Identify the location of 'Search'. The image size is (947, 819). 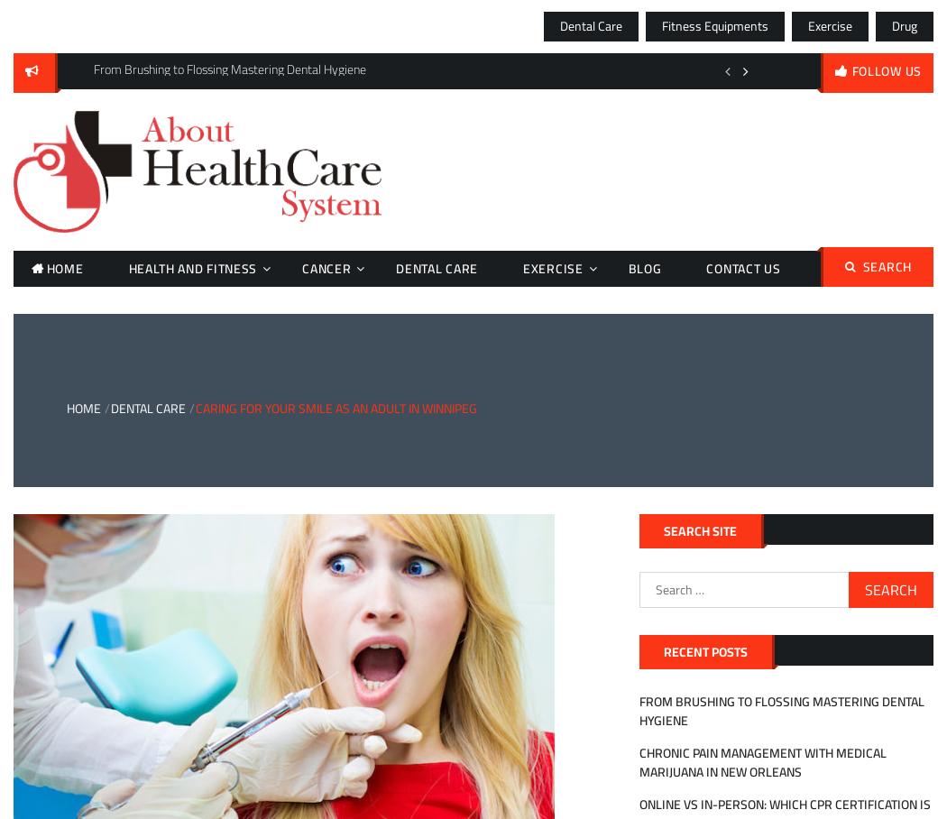
(887, 267).